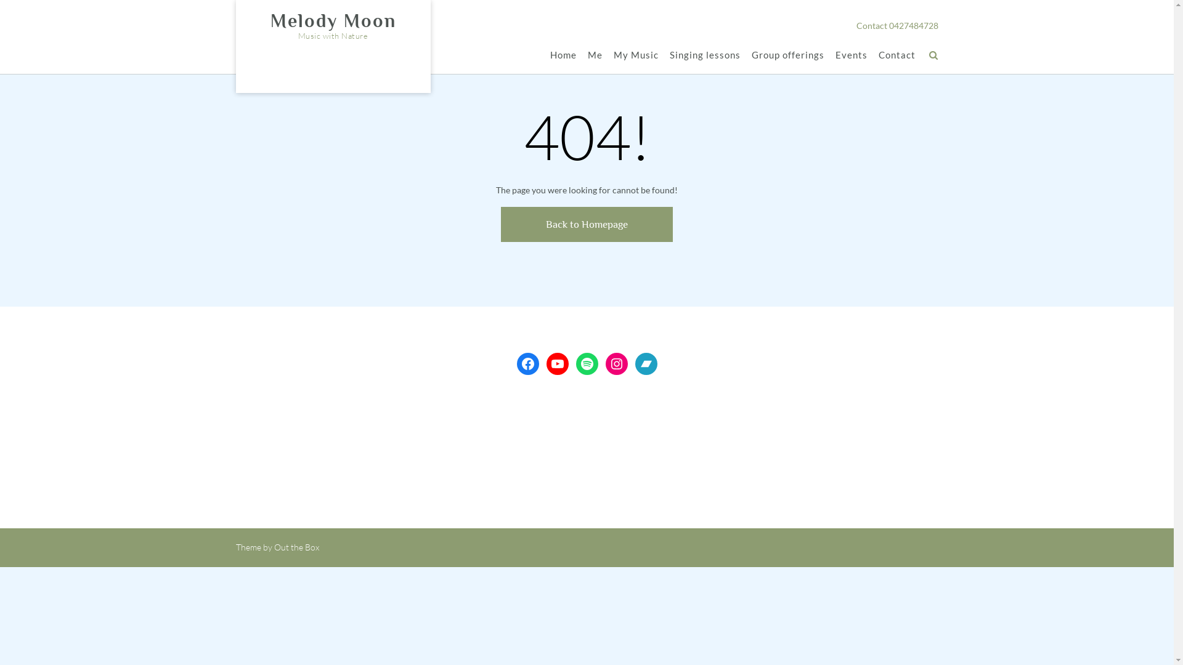 This screenshot has height=665, width=1183. What do you see at coordinates (595, 54) in the screenshot?
I see `'Me'` at bounding box center [595, 54].